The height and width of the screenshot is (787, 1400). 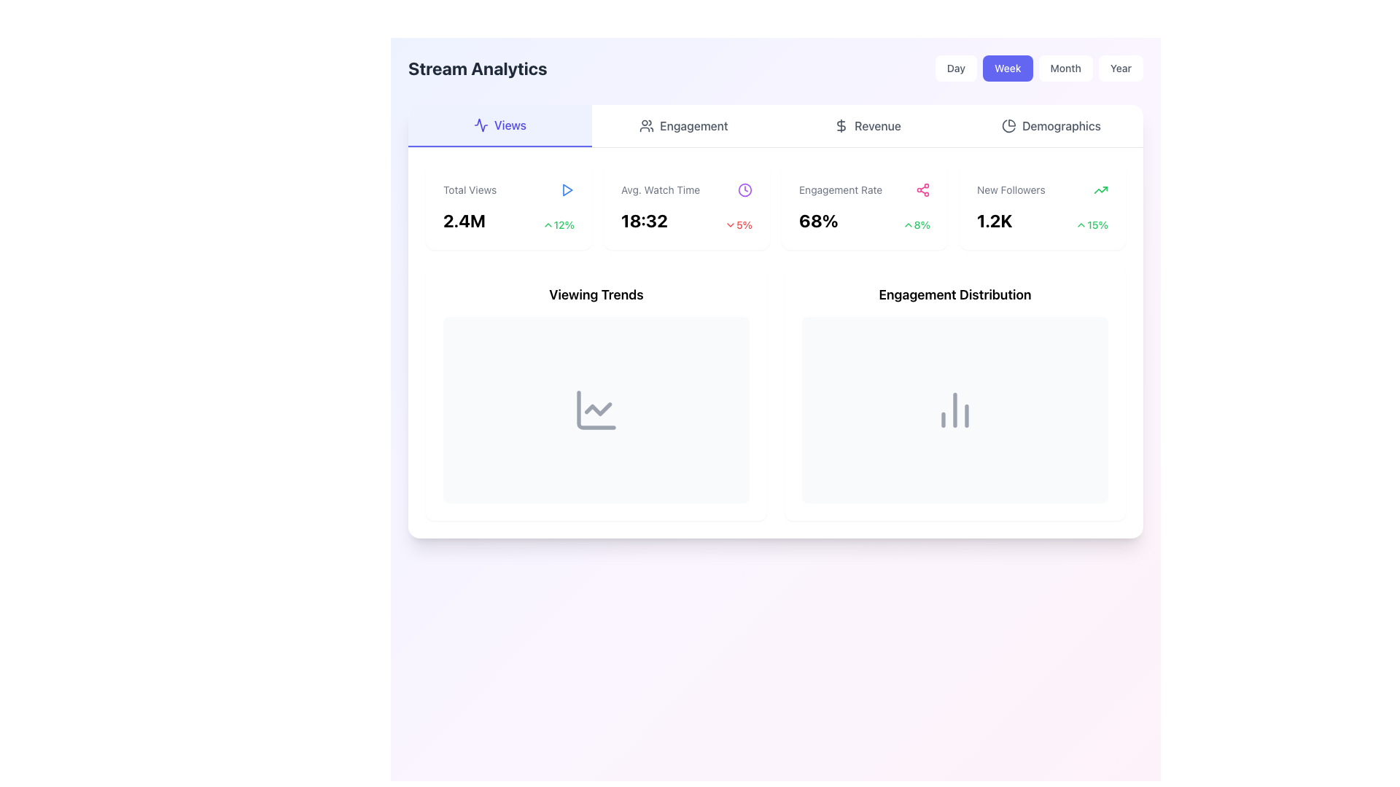 What do you see at coordinates (547, 224) in the screenshot?
I see `the trend represented by the upward chevron icon located to the left of the '12%' text, which indicates an increase in the metric value` at bounding box center [547, 224].